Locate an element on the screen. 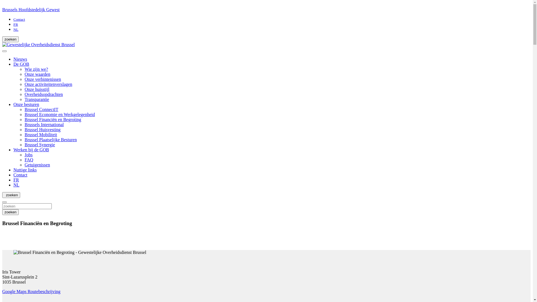 This screenshot has width=537, height=302. 'Werken bij de GOB' is located at coordinates (31, 149).